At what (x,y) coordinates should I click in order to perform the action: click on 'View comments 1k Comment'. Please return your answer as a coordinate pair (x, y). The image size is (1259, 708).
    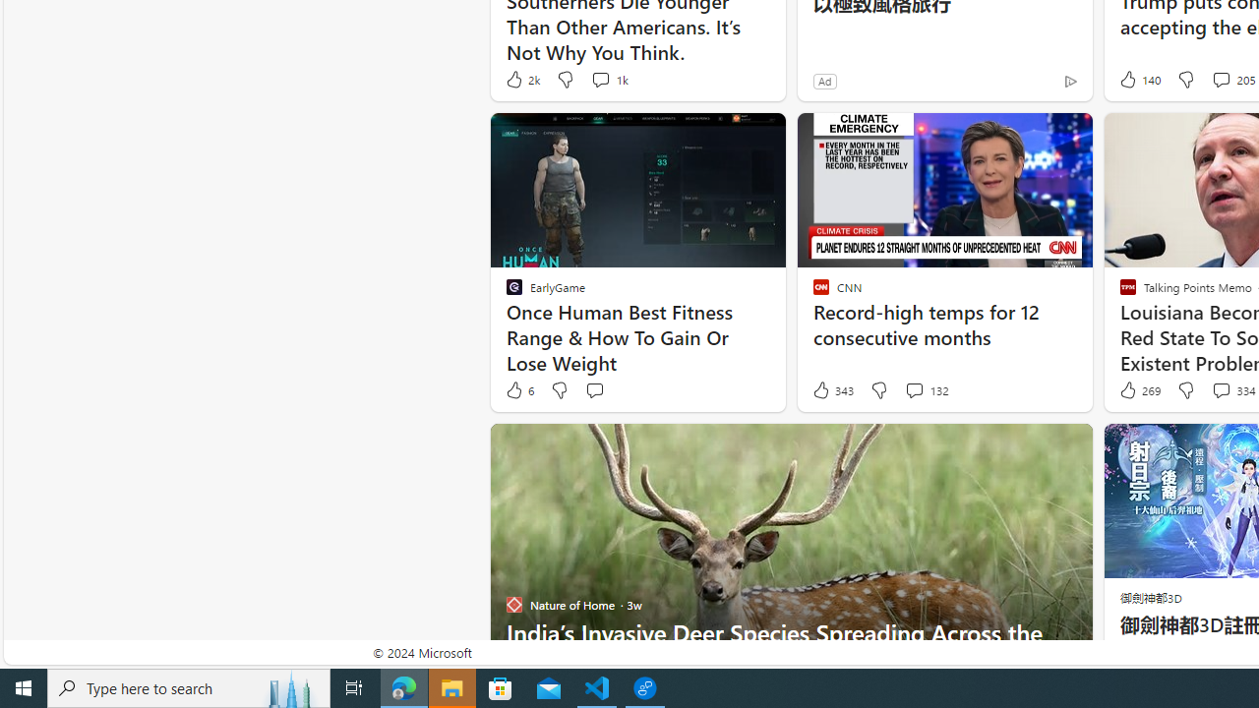
    Looking at the image, I should click on (599, 79).